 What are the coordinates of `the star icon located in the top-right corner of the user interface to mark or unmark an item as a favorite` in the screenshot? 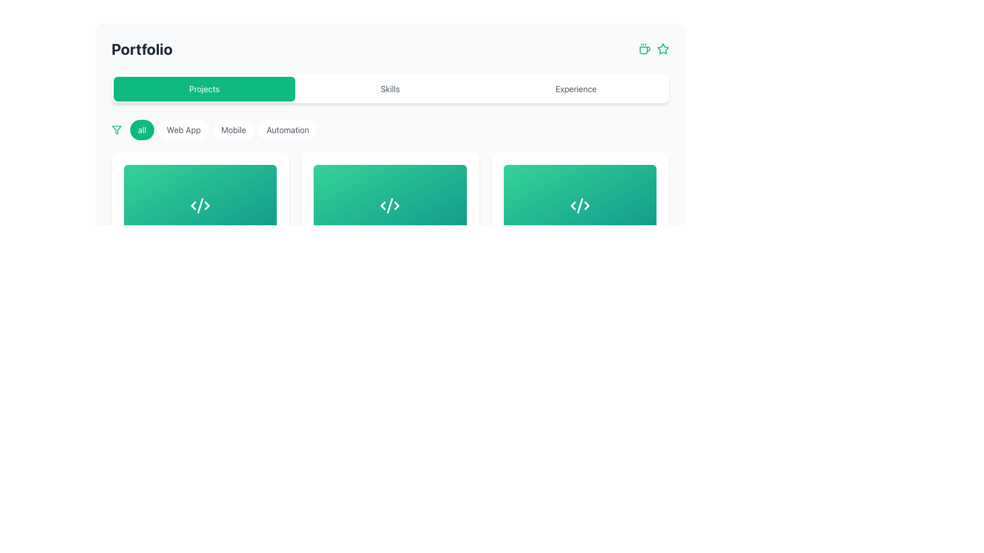 It's located at (663, 49).